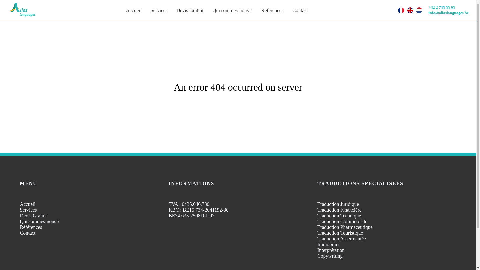 This screenshot has width=480, height=270. I want to click on 'Immobilier', so click(329, 244).